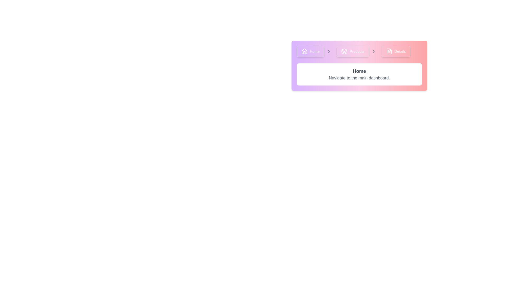  What do you see at coordinates (359, 78) in the screenshot?
I see `the text label displaying 'Navigate to the main dashboard.' positioned below the 'Home' heading` at bounding box center [359, 78].